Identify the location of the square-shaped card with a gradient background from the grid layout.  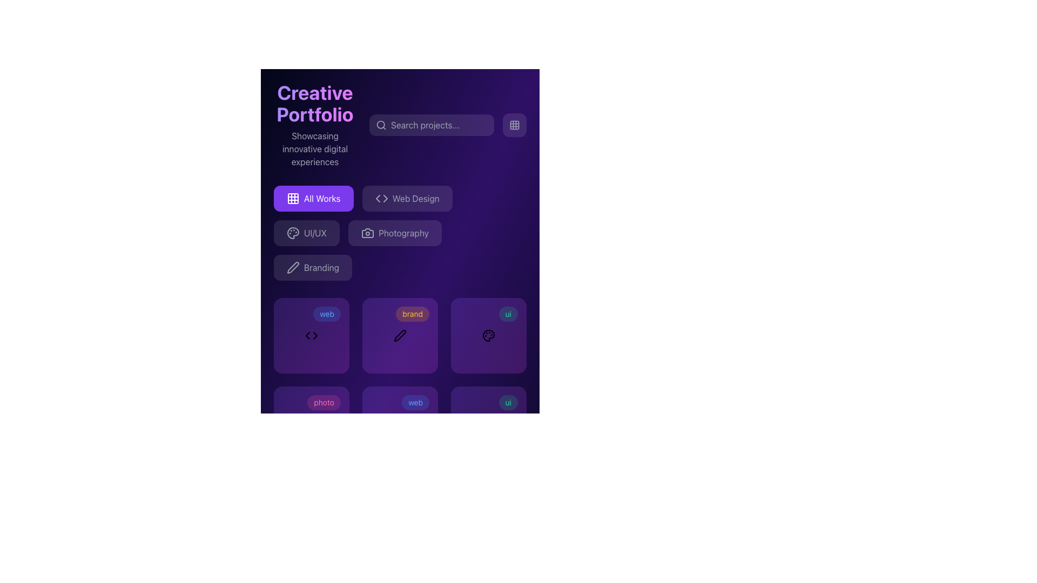
(311, 335).